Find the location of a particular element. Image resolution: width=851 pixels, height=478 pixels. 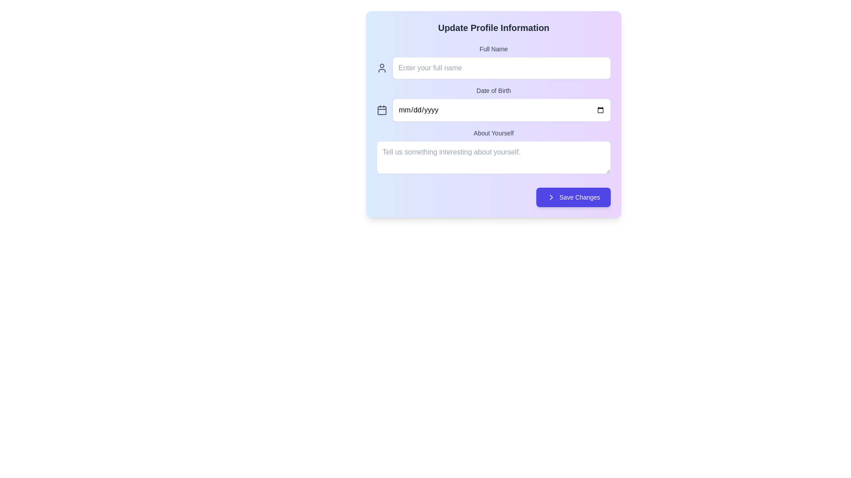

the 'About Yourself' label, which is a small, gray text label centrally aligned above the input field for personal information is located at coordinates (493, 133).